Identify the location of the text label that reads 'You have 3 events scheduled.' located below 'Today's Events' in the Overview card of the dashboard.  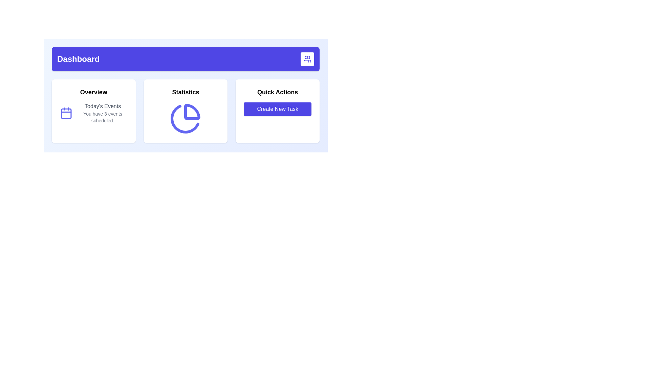
(102, 117).